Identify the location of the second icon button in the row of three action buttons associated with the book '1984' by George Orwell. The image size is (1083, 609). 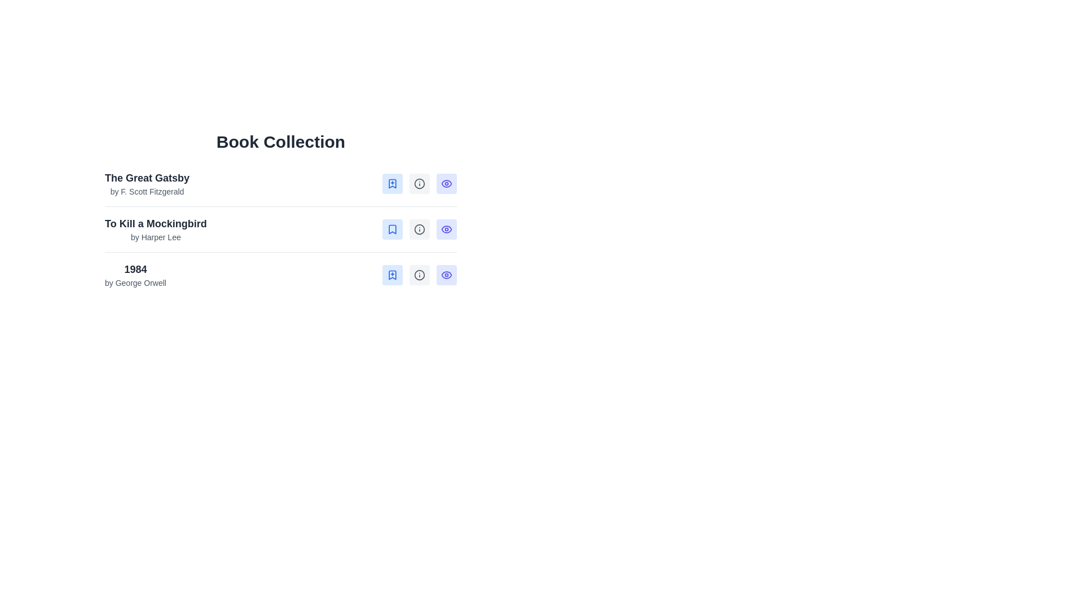
(419, 275).